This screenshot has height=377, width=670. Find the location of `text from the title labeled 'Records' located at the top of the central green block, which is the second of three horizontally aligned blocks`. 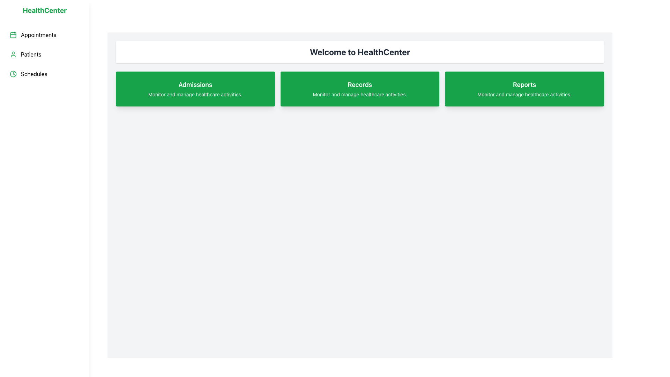

text from the title labeled 'Records' located at the top of the central green block, which is the second of three horizontally aligned blocks is located at coordinates (360, 84).